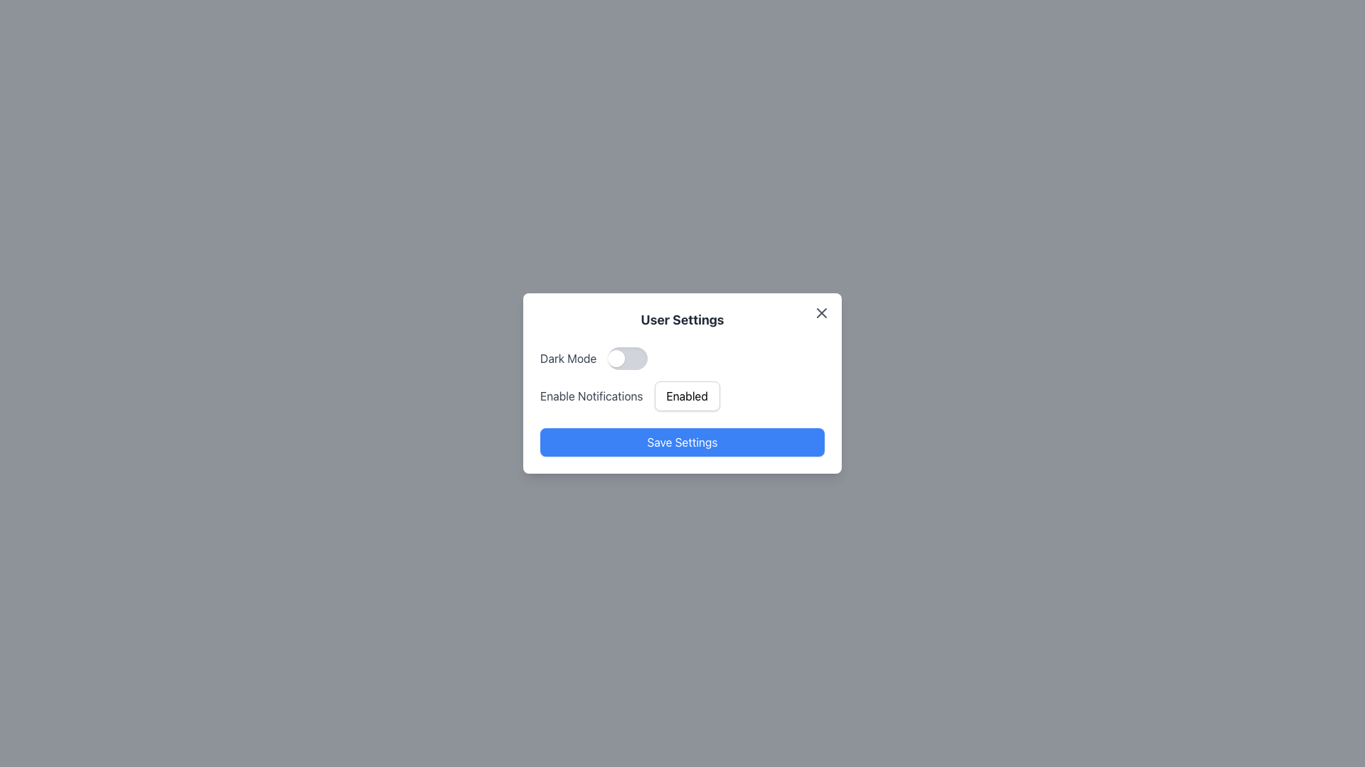 This screenshot has width=1365, height=767. What do you see at coordinates (687, 396) in the screenshot?
I see `the rectangular button labeled 'Enabled' with a white background and rounded edges` at bounding box center [687, 396].